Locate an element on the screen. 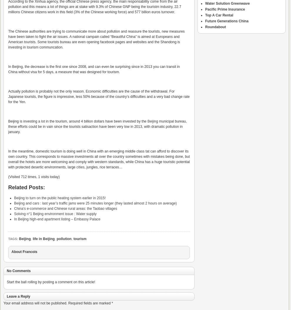  'life in Beijing' is located at coordinates (43, 238).